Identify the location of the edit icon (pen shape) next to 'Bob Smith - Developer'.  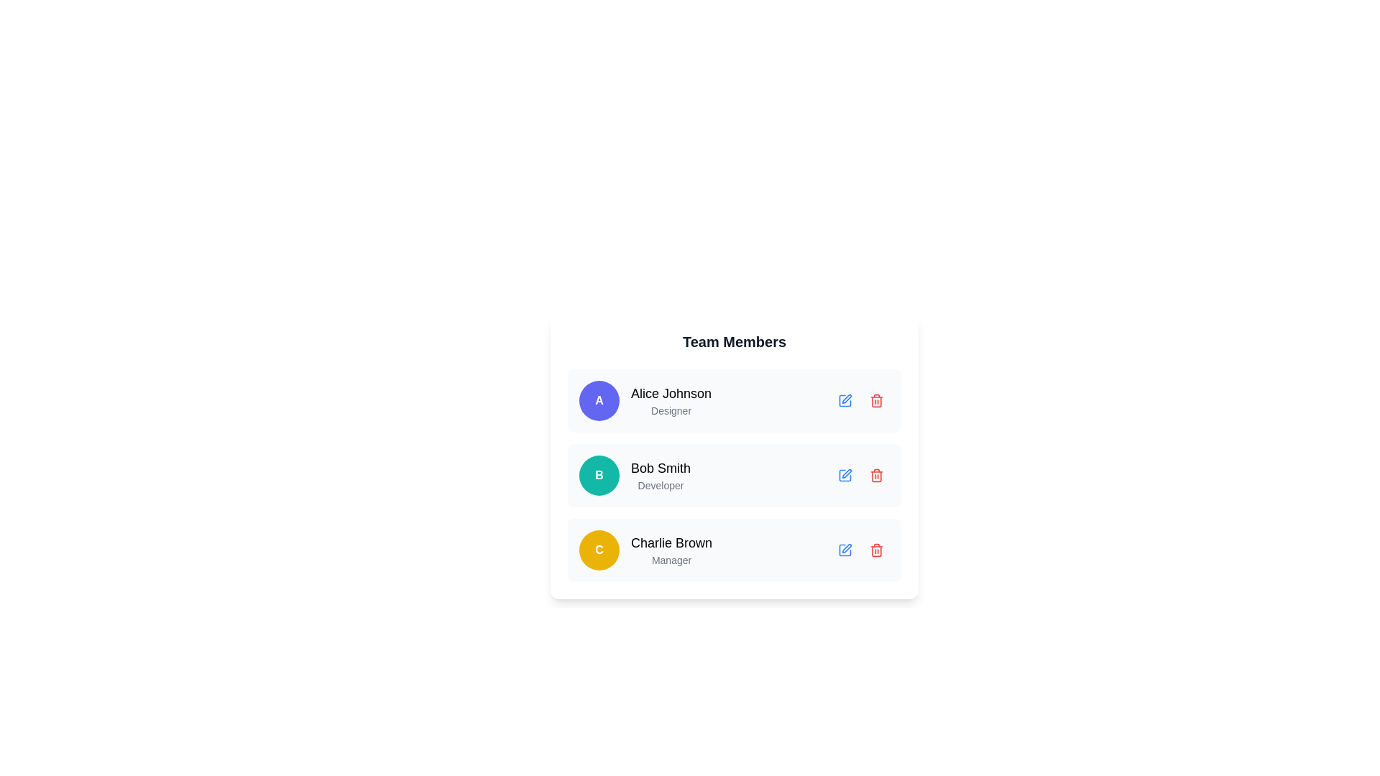
(847, 474).